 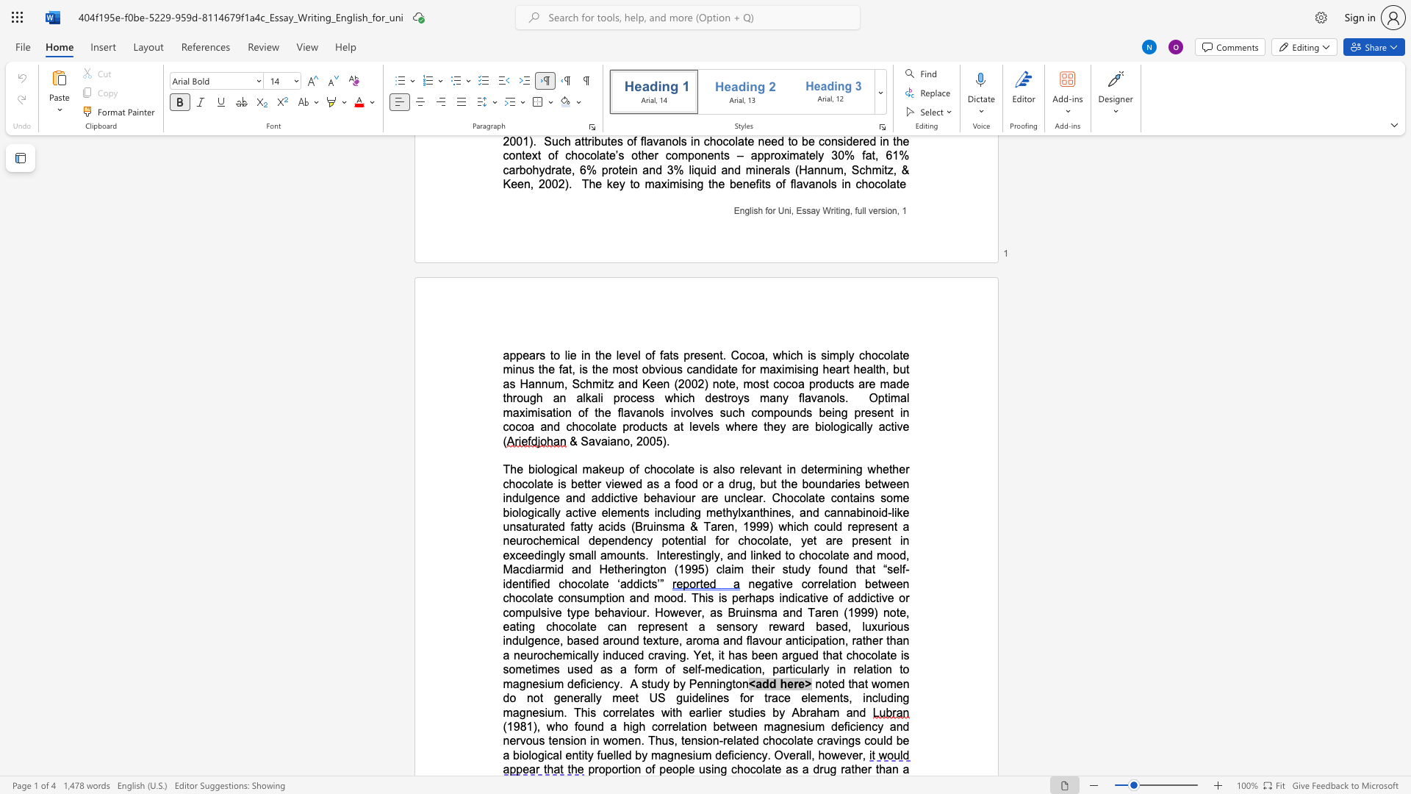 I want to click on the subset text "ed that women d" within the text "noted that women do not", so click(x=831, y=684).